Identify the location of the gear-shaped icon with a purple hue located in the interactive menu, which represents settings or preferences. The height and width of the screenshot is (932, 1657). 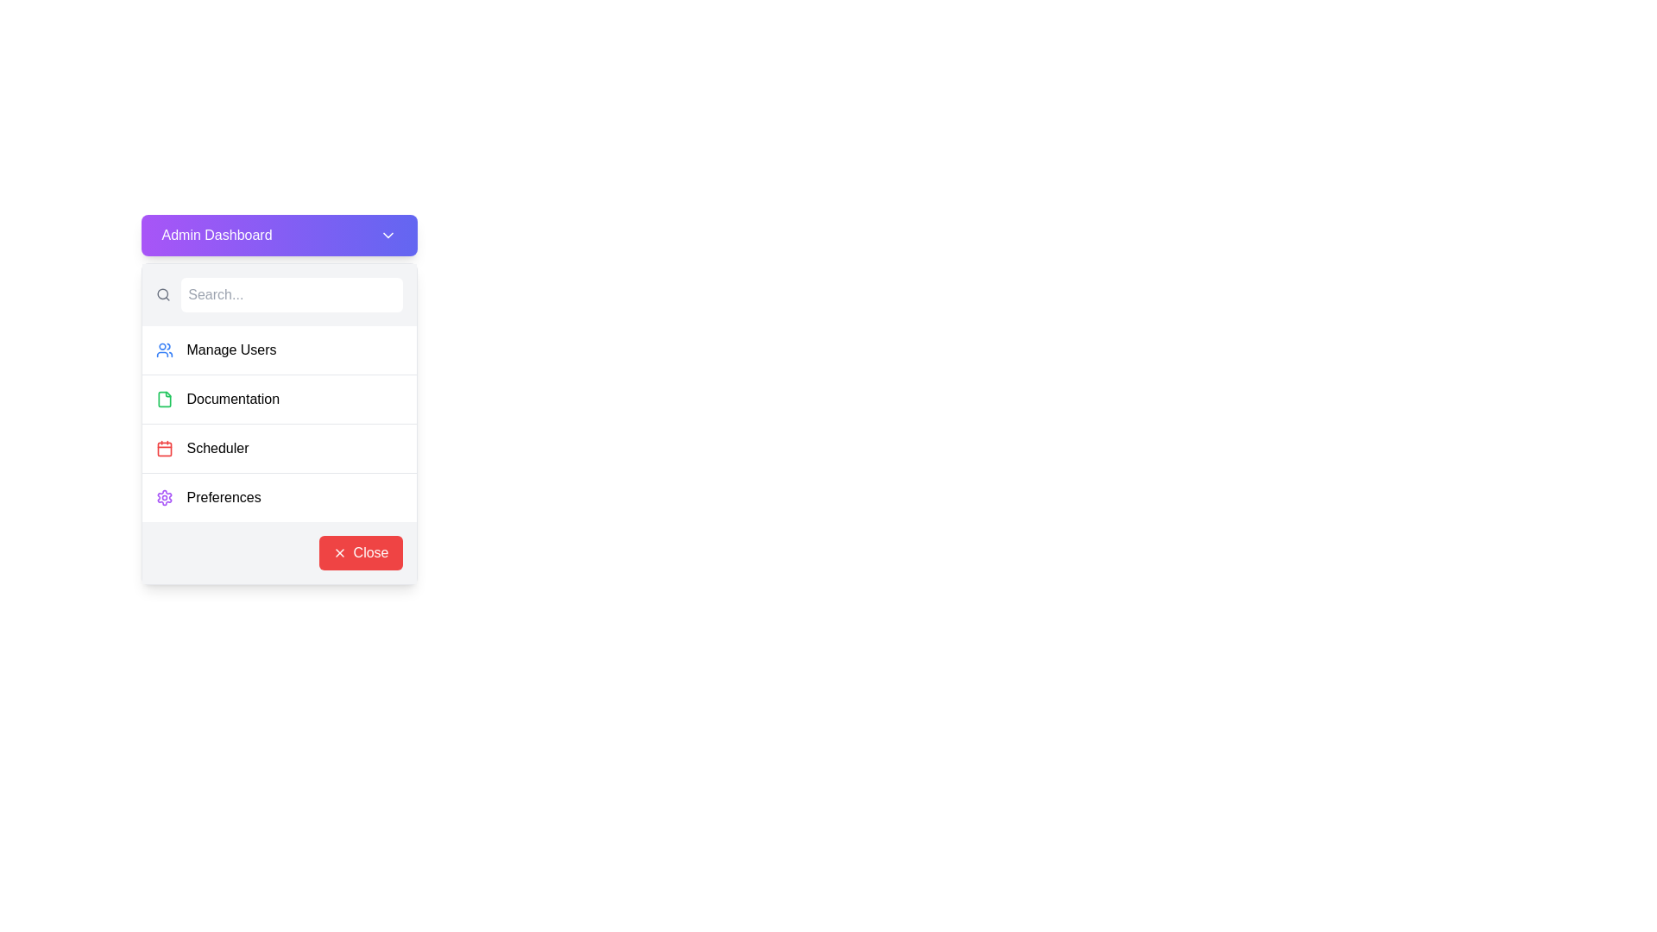
(164, 498).